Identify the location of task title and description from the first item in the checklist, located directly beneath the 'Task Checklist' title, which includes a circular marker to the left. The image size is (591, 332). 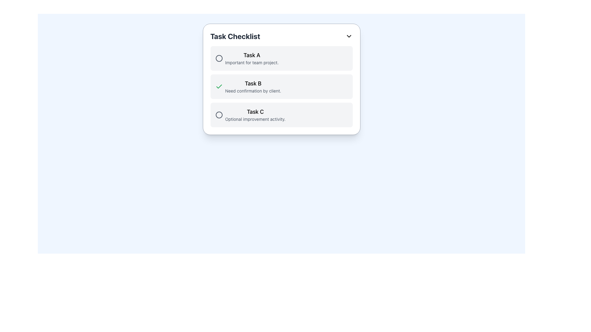
(252, 58).